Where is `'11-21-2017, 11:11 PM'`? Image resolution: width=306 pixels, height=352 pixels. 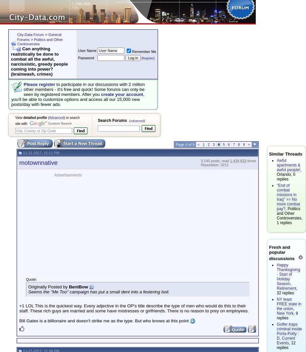 '11-21-2017, 11:11 PM' is located at coordinates (40, 152).